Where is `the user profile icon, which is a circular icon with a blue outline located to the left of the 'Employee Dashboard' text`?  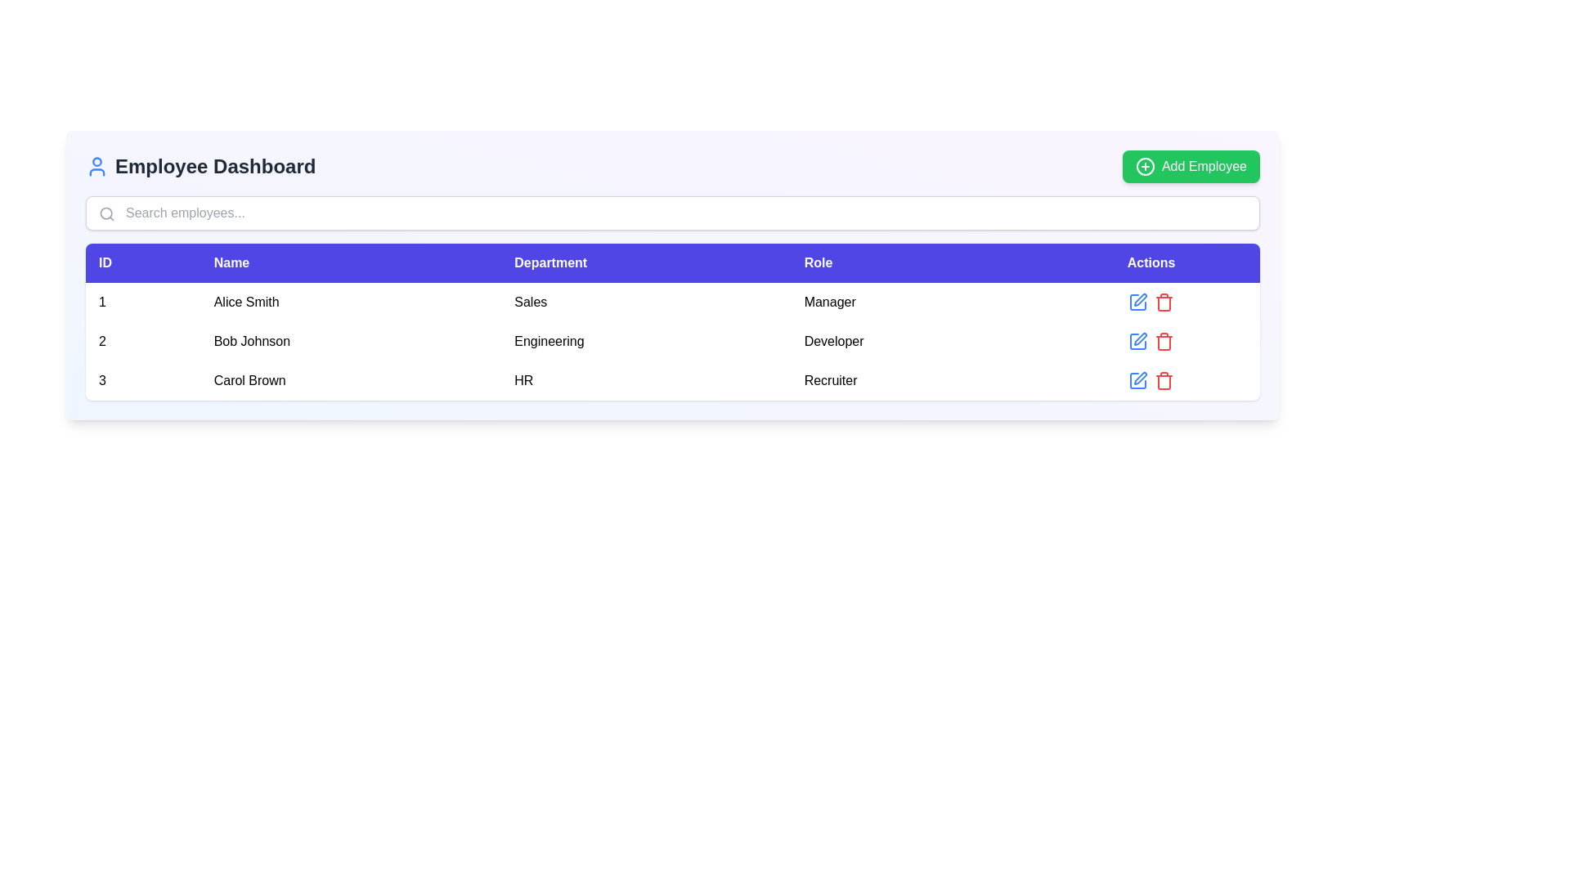 the user profile icon, which is a circular icon with a blue outline located to the left of the 'Employee Dashboard' text is located at coordinates (96, 167).